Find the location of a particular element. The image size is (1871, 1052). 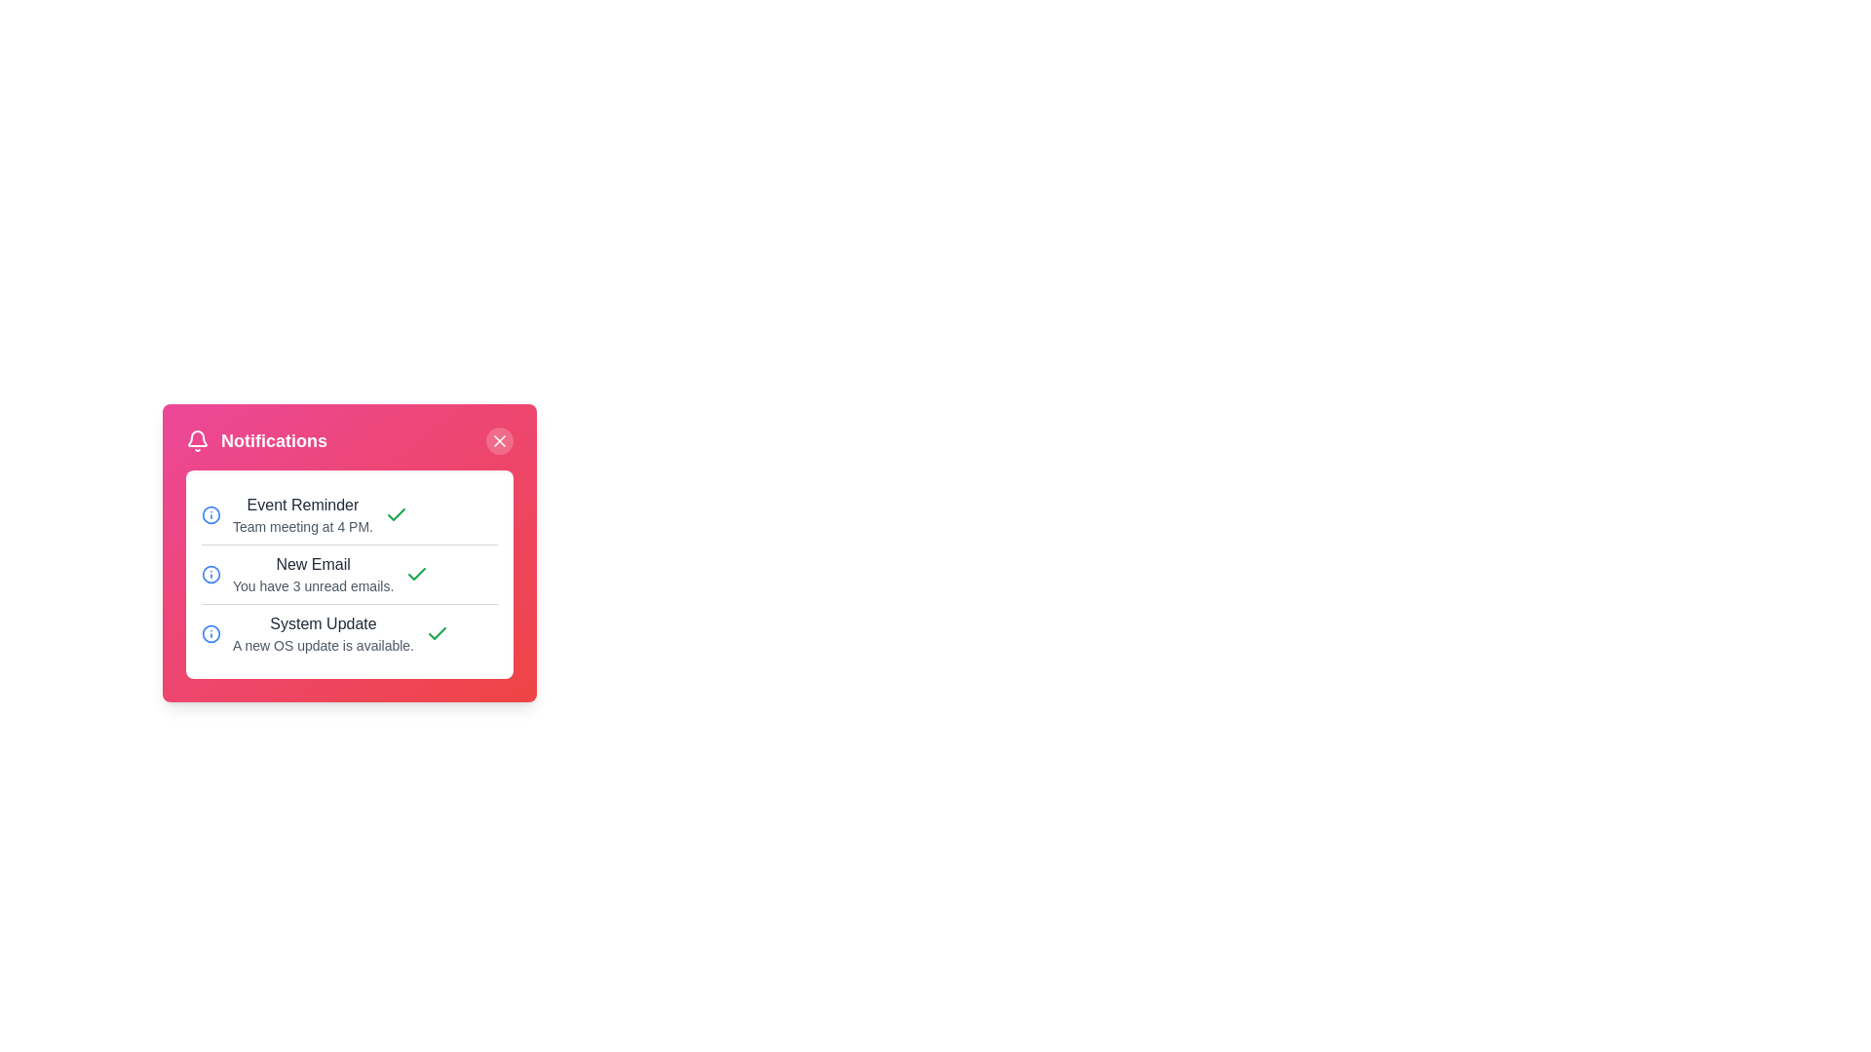

Status Indicator Icon, which is a green checkmark icon located at the far right of the 'New Email' notification within the notification card titled 'Notifications.' is located at coordinates (416, 574).